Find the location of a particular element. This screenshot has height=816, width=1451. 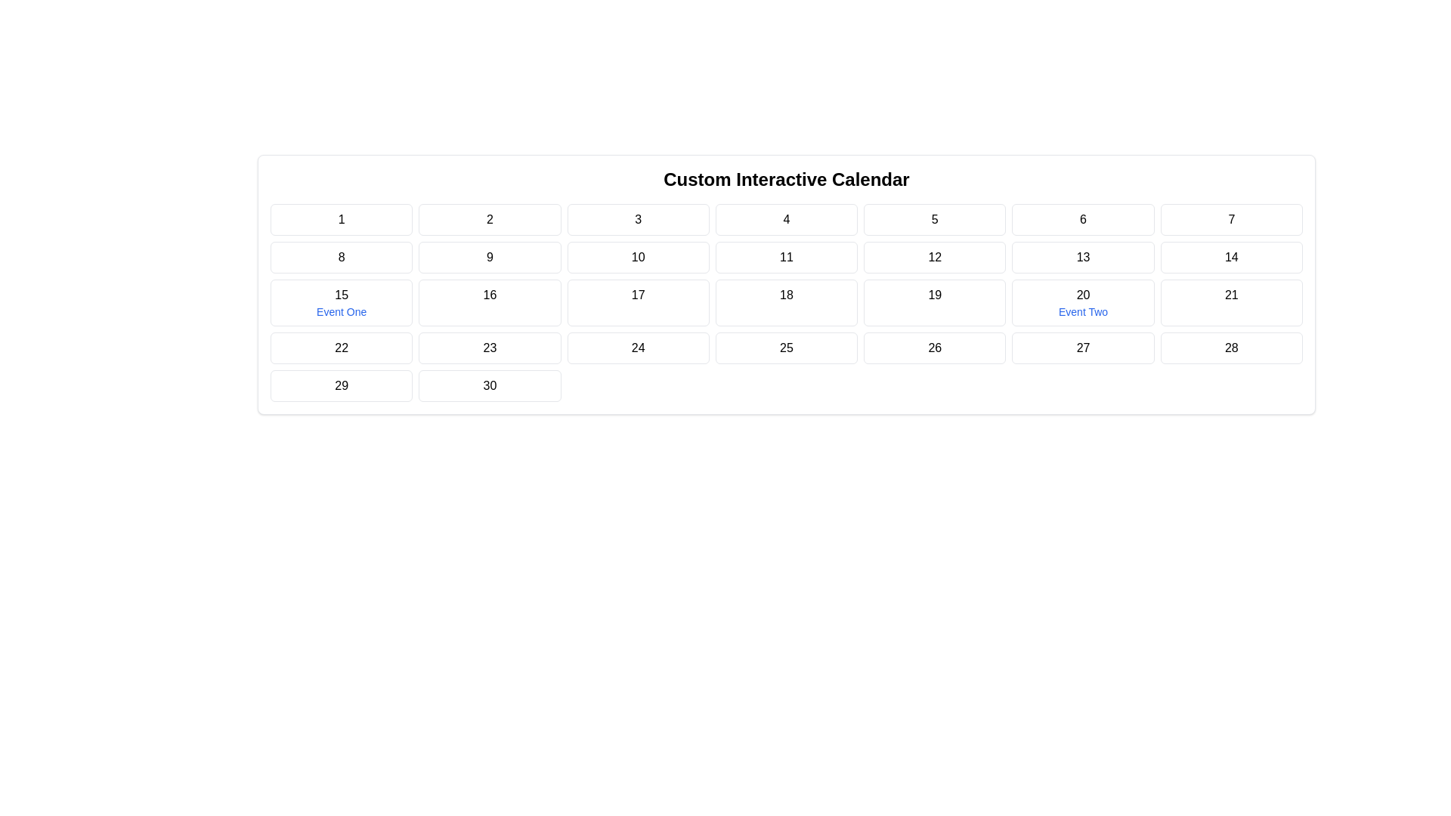

the button representing the number '17' in the calendar grid layout is located at coordinates (638, 303).